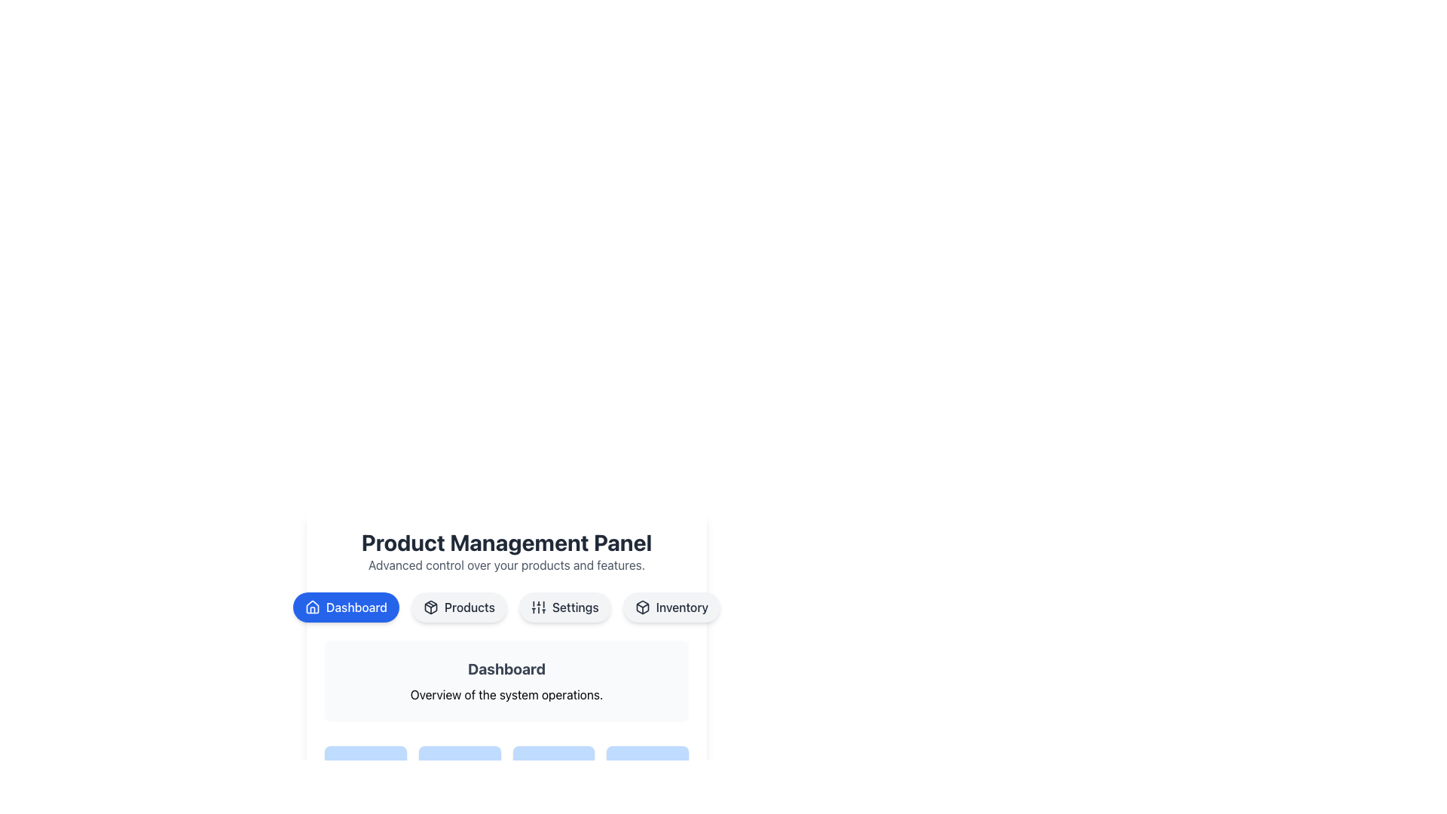  What do you see at coordinates (356, 607) in the screenshot?
I see `the 'Dashboard' text label within the blue button in the navigation bar` at bounding box center [356, 607].